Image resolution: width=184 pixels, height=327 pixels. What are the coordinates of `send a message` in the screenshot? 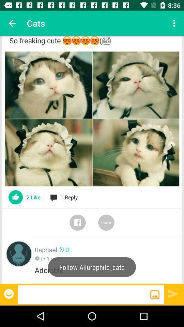 It's located at (84, 294).